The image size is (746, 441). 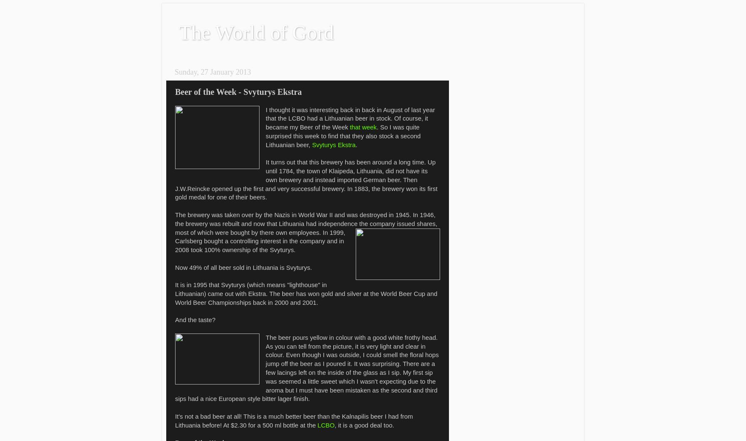 I want to click on 'It is in 1995 that Svyturys (which means "lighthouse" in Lithuanian) came out with Ekstra. The beer has won gold and silver at the World Beer Cup and World Beer Championships back in 2000 and 2001.', so click(x=306, y=293).